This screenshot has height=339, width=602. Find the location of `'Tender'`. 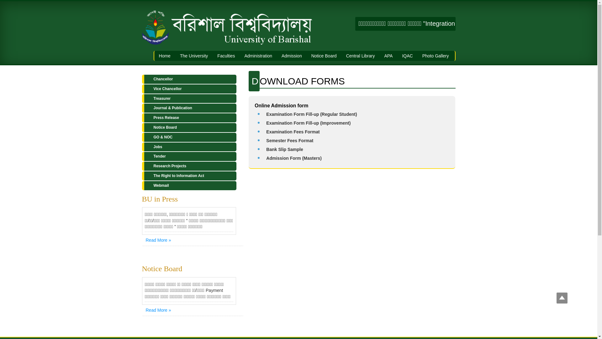

'Tender' is located at coordinates (188, 156).